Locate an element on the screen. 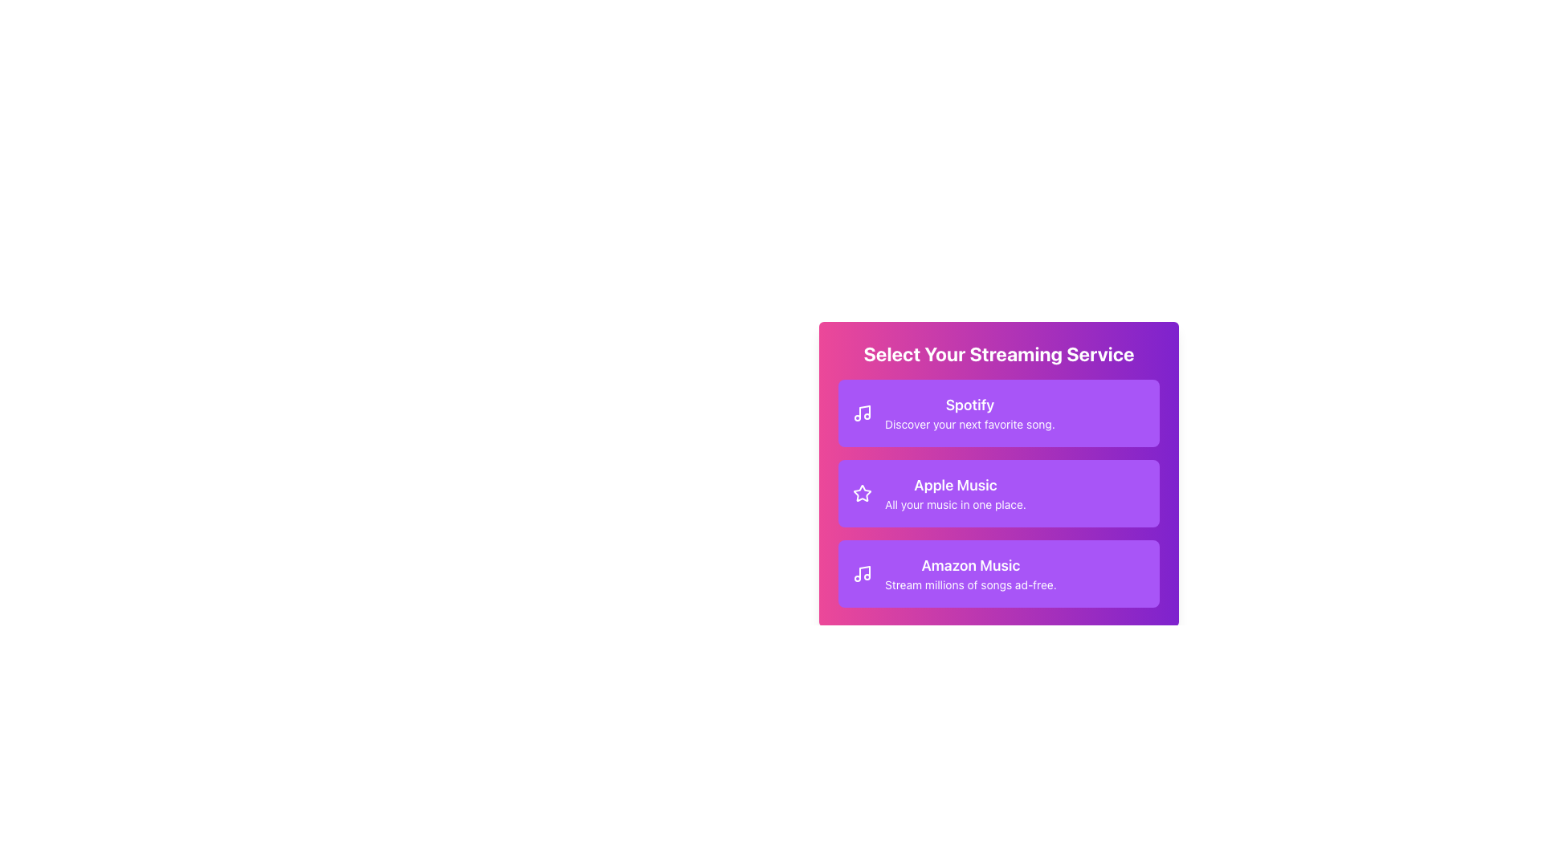 The height and width of the screenshot is (867, 1542). the star icon with a purple fill and pink outline, located in the 'Apple Music' button under 'Select Your Streaming Service.' is located at coordinates (862, 492).